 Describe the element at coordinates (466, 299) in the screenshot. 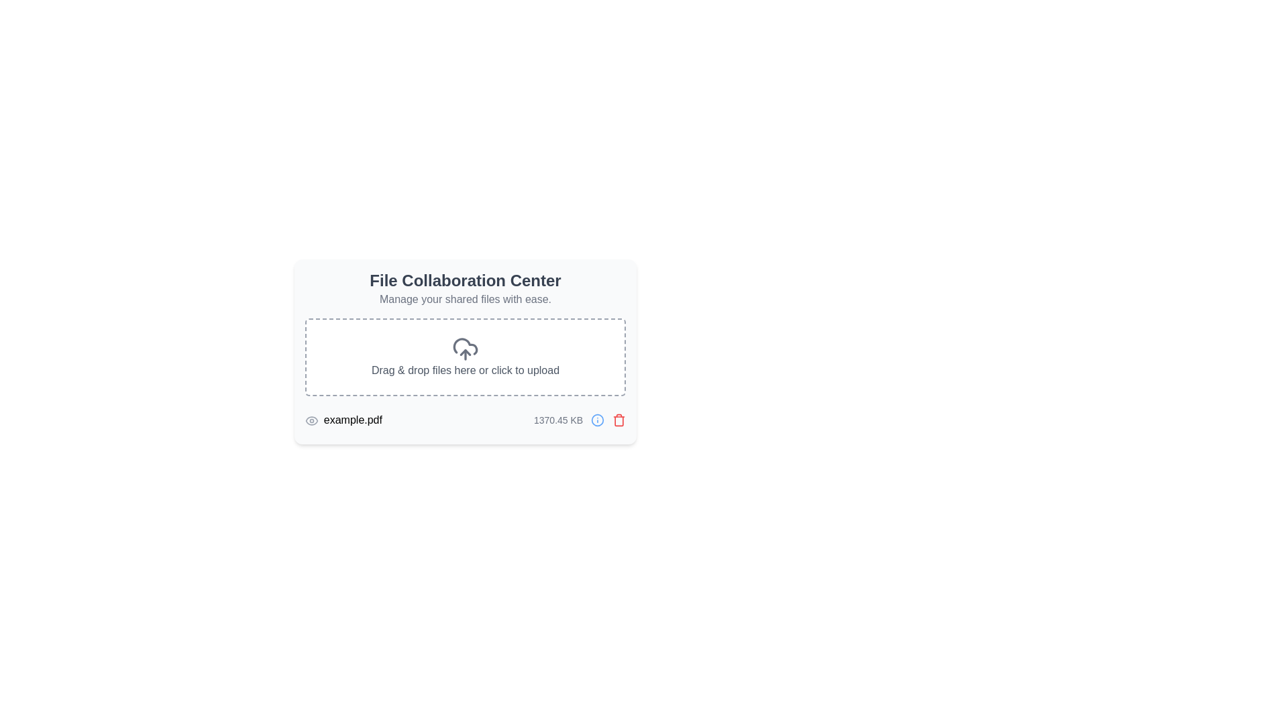

I see `static text located near the top of the interface, directly below the heading 'File Collaboration Center.'` at that location.